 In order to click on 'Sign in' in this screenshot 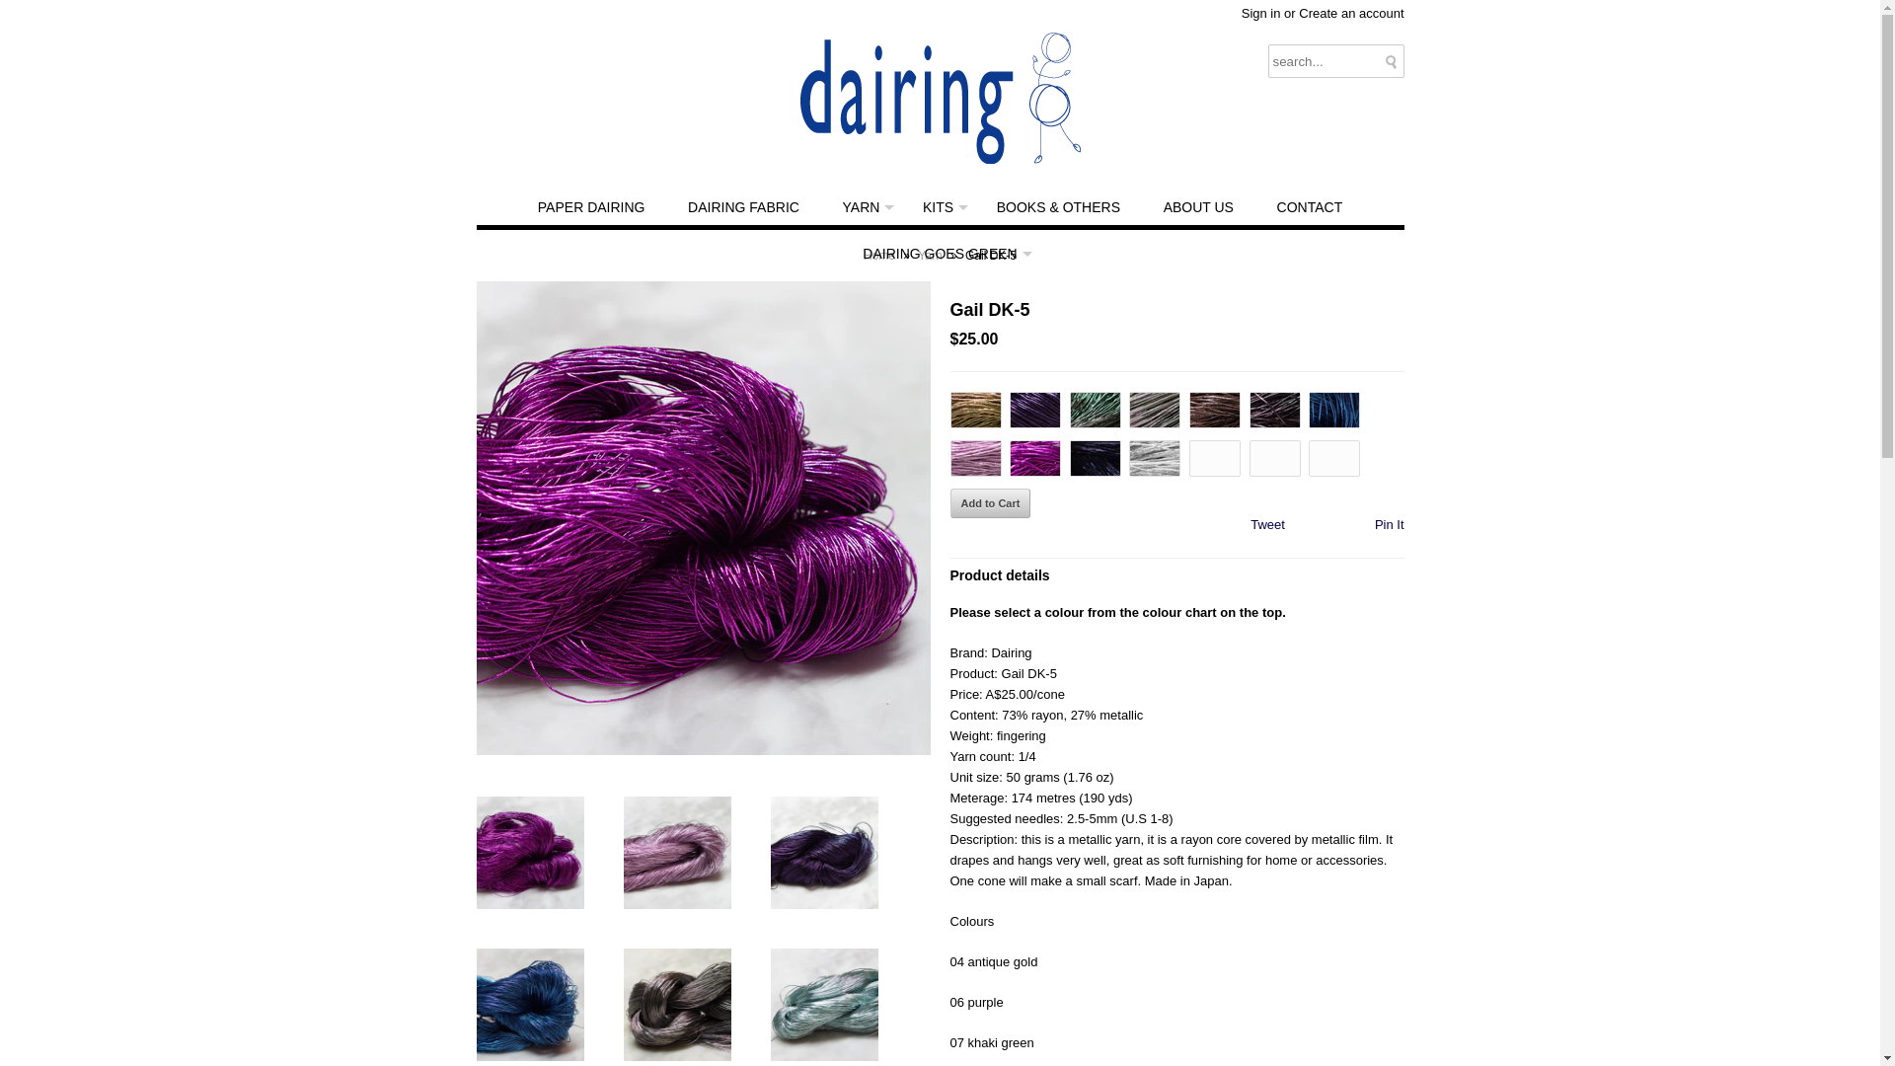, I will do `click(1259, 13)`.